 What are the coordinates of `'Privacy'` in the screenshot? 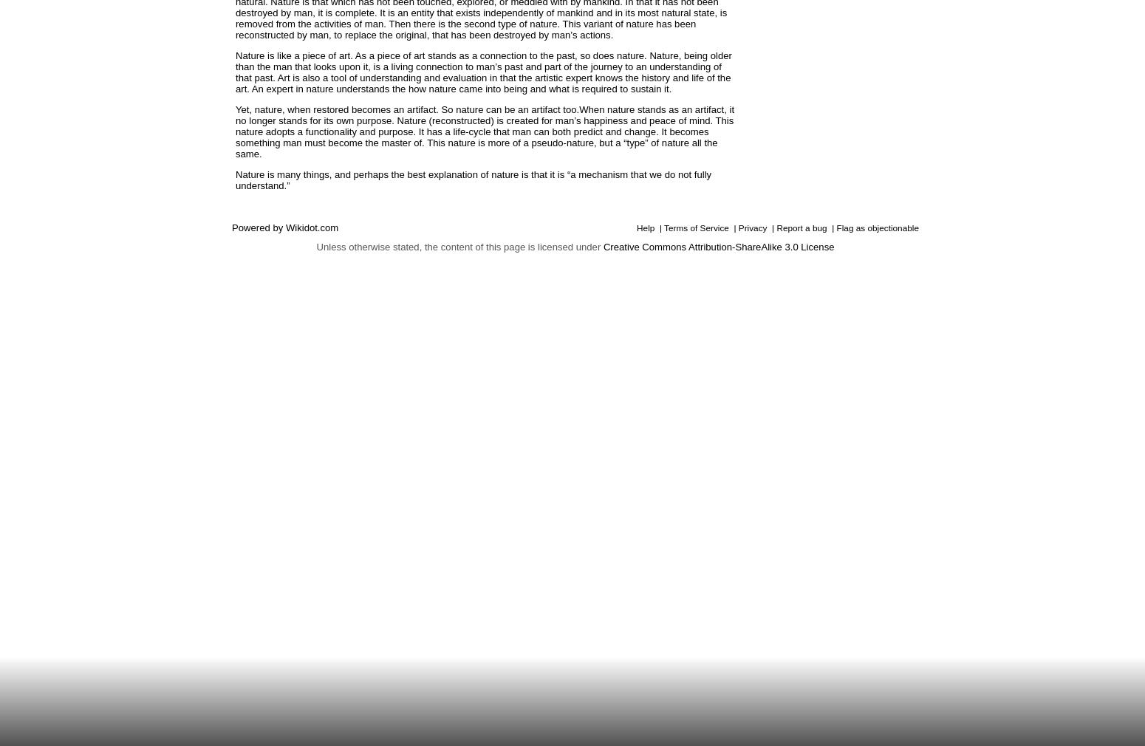 It's located at (752, 227).